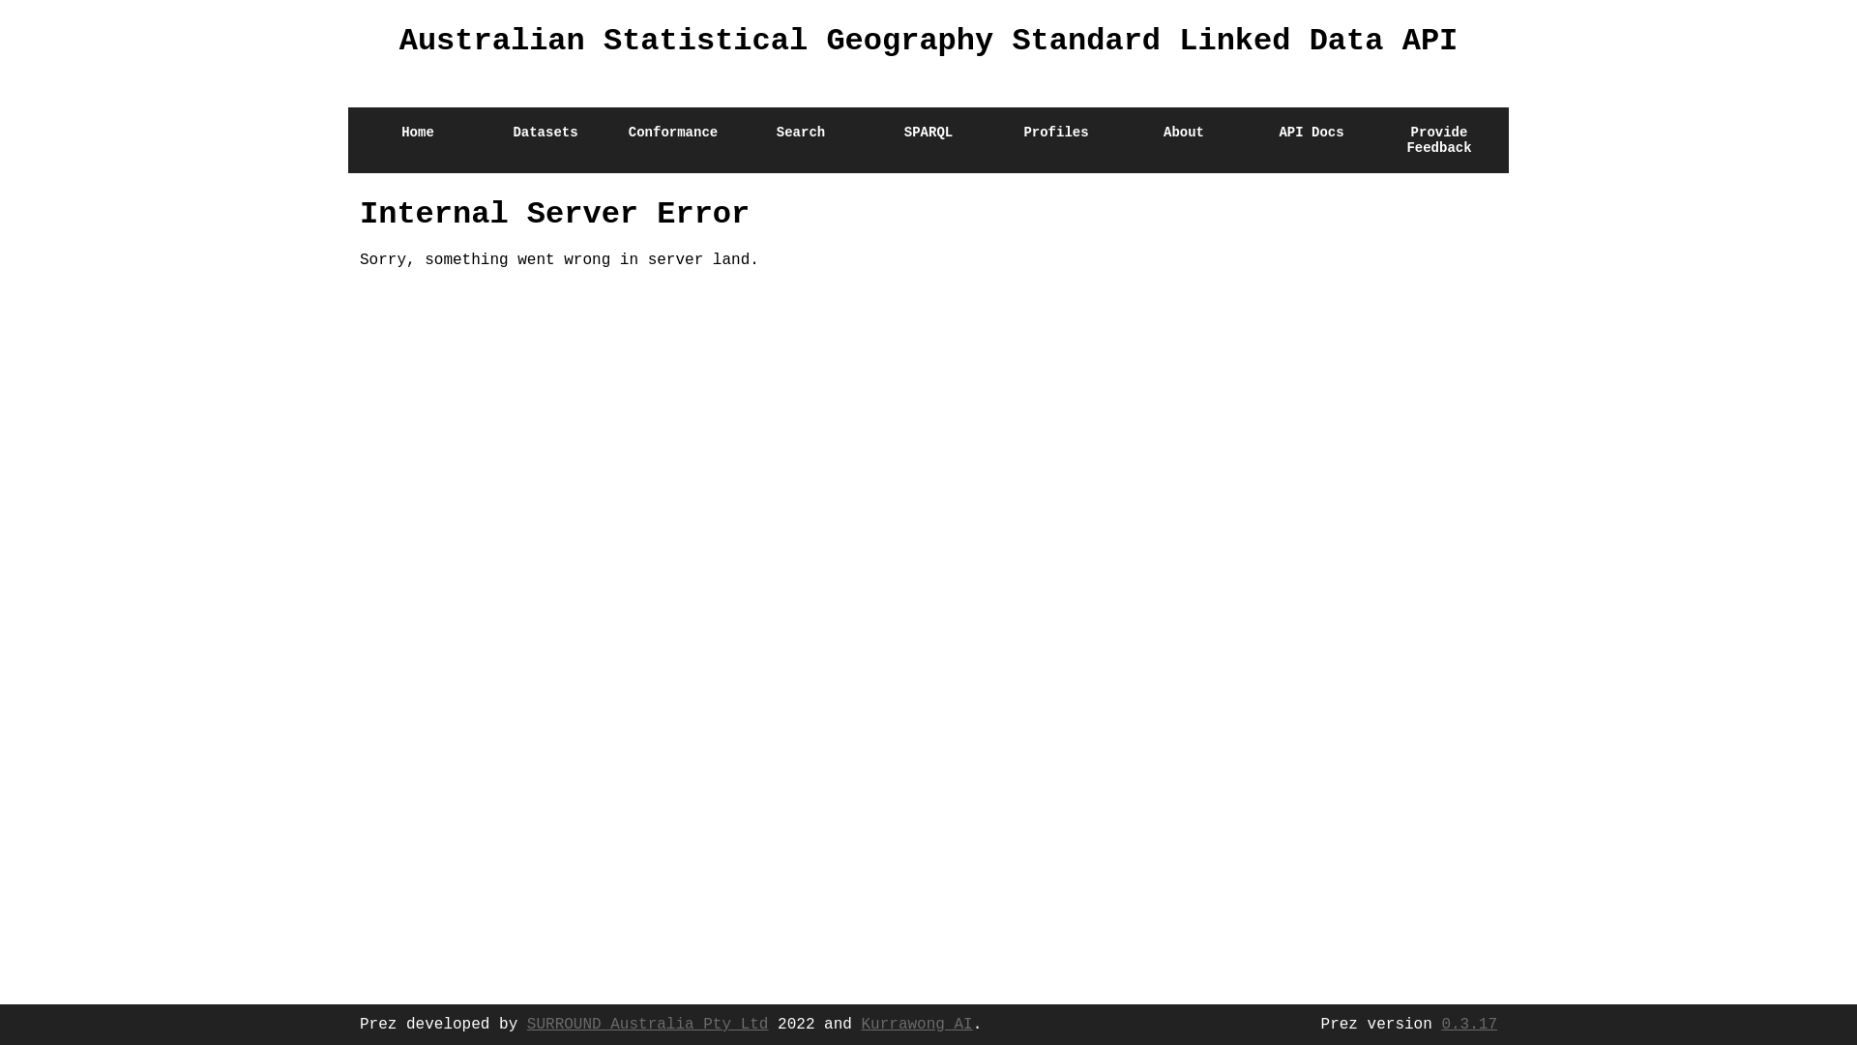 The image size is (1857, 1045). What do you see at coordinates (801, 139) in the screenshot?
I see `'Search'` at bounding box center [801, 139].